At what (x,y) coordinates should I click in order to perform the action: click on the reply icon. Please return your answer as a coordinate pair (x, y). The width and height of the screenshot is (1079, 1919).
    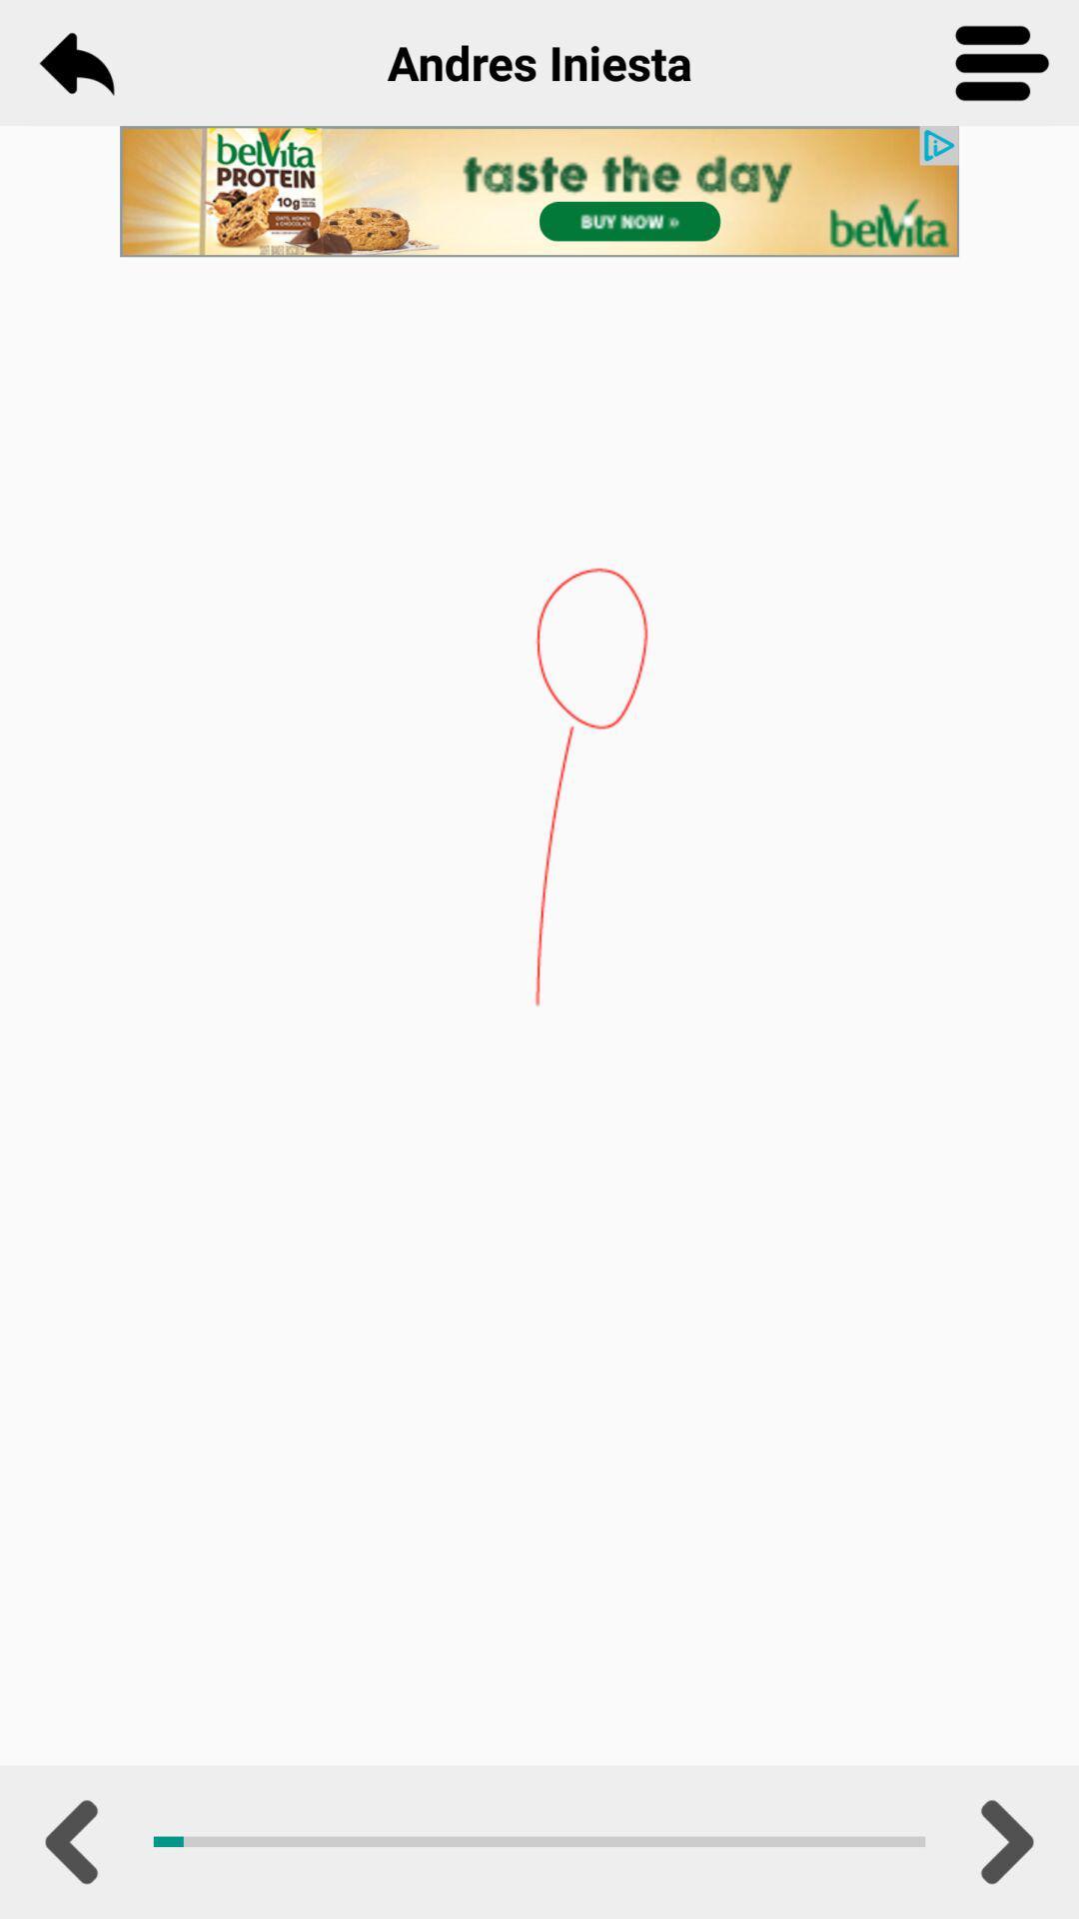
    Looking at the image, I should click on (75, 62).